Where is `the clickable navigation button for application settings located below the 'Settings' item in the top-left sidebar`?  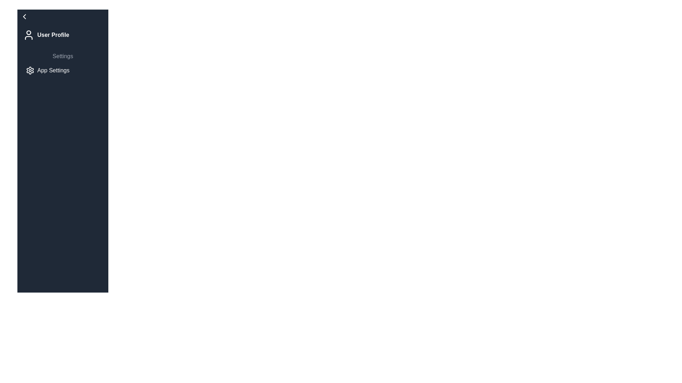 the clickable navigation button for application settings located below the 'Settings' item in the top-left sidebar is located at coordinates (63, 71).